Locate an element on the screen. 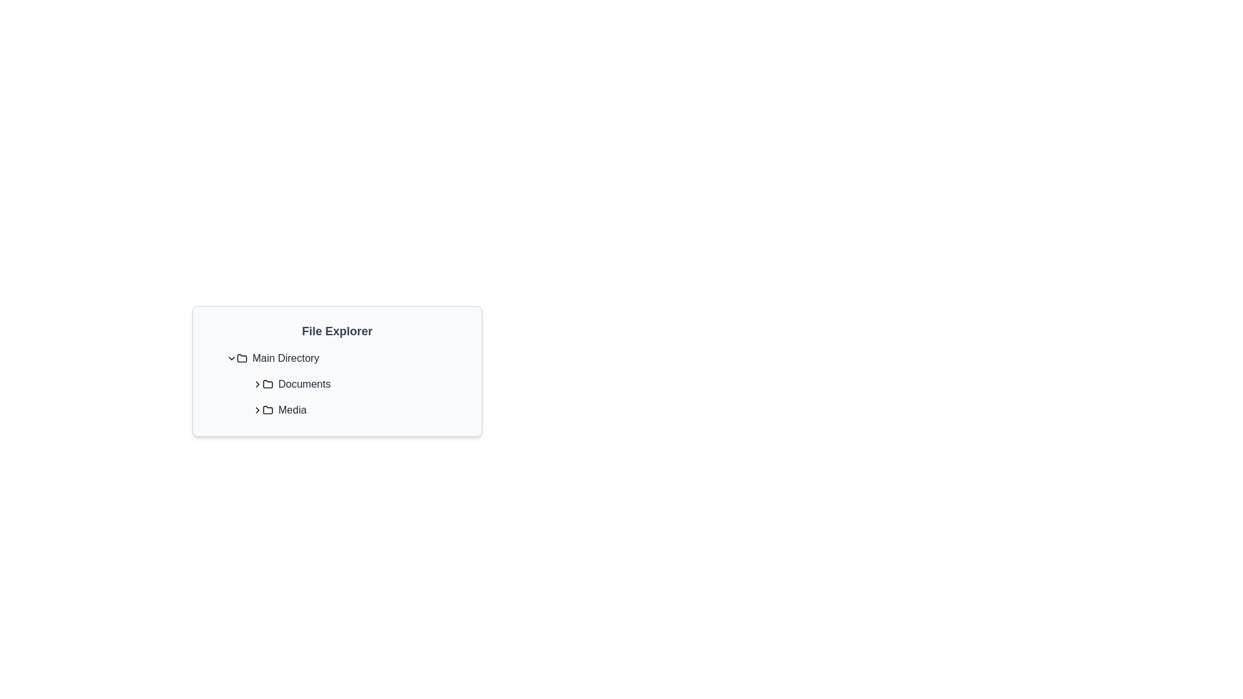 This screenshot has width=1243, height=699. the Chevron Button that expands or collapses the 'Media' folder in the file explorer is located at coordinates (258, 410).